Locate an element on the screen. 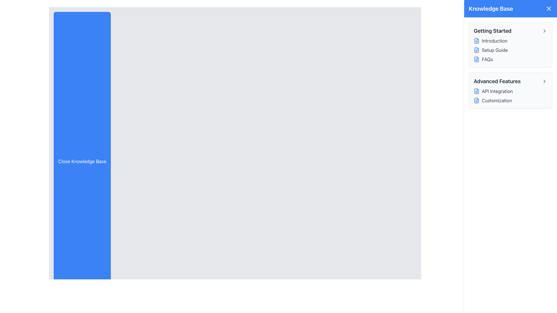 Image resolution: width=557 pixels, height=313 pixels. the chevron icon button, which is positioned to the right of the 'Getting Started' header text is located at coordinates (544, 31).